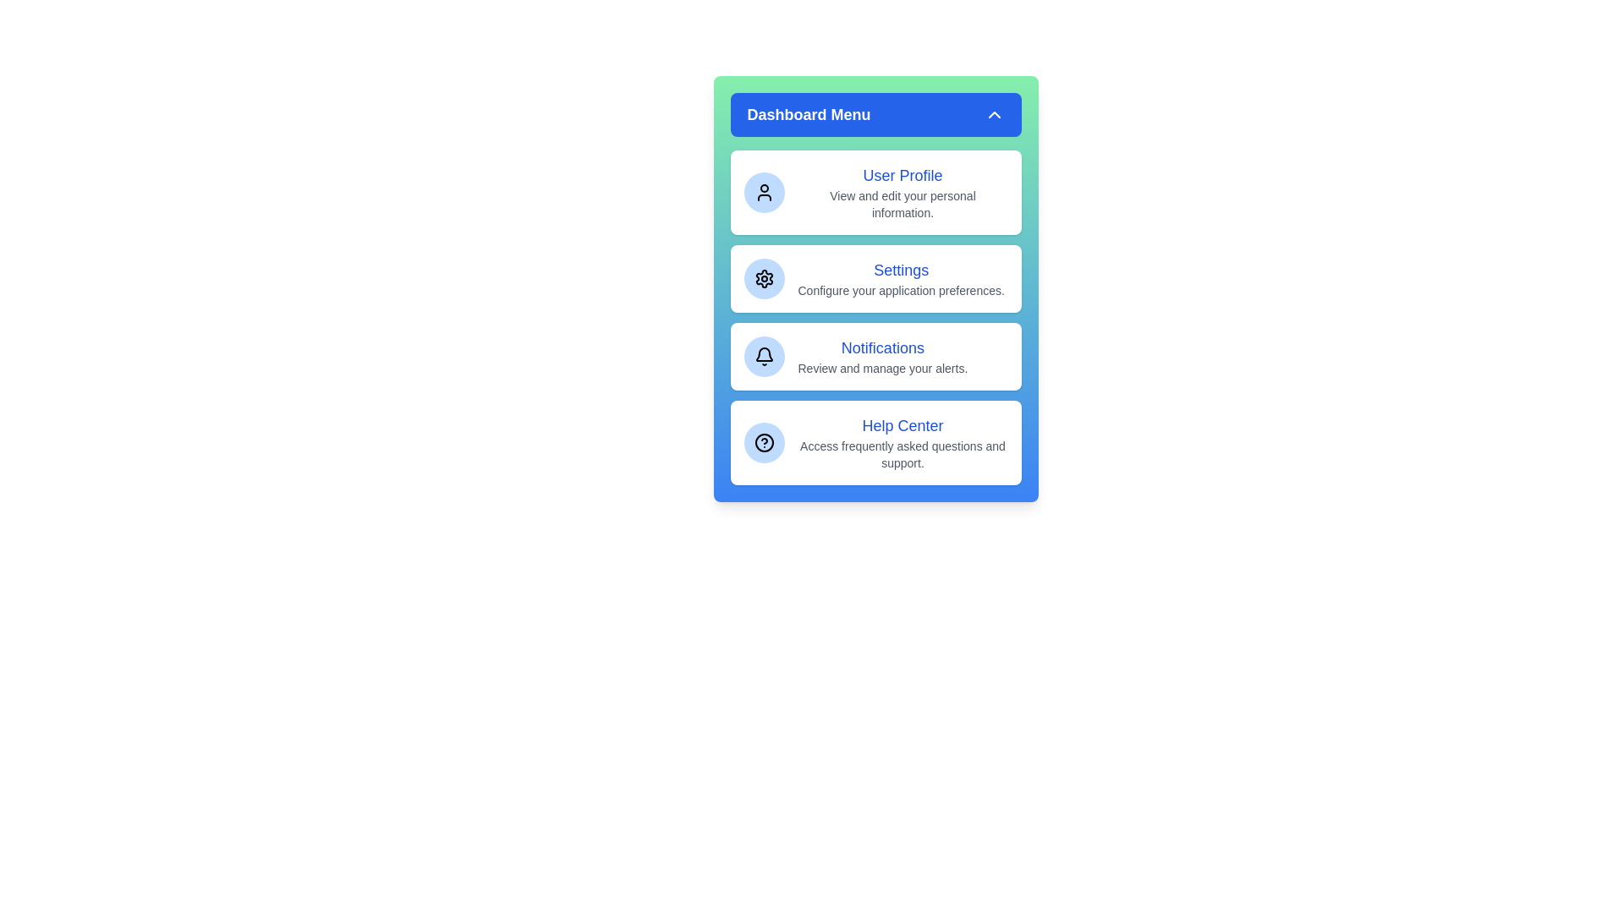  What do you see at coordinates (875, 191) in the screenshot?
I see `the menu option User Profile` at bounding box center [875, 191].